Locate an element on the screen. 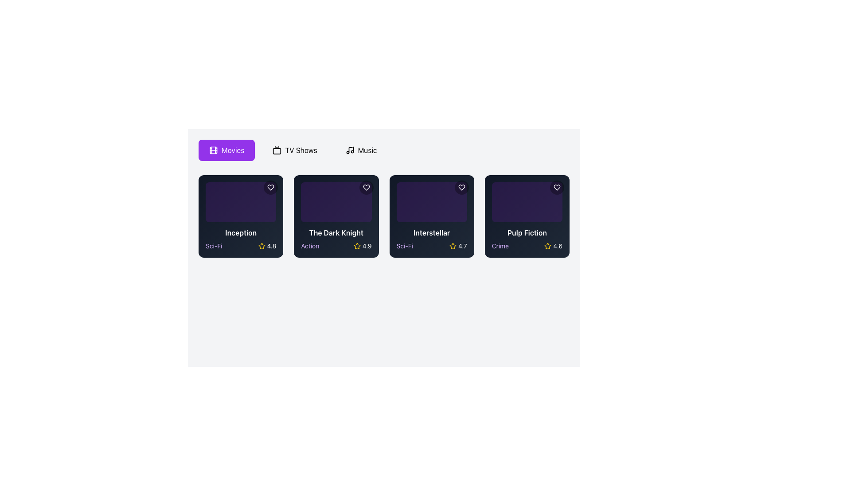  the 'TV Shows' button, which is a button-like component labeled 'TV Shows' with a television icon to its left, located in the middle of a horizontal row of three options at the top section of the interface is located at coordinates (295, 150).